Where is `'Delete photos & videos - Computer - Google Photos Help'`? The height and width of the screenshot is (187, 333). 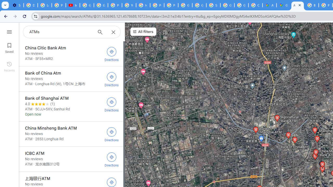 'Delete photos & videos - Computer - Google Photos Help' is located at coordinates (30, 5).